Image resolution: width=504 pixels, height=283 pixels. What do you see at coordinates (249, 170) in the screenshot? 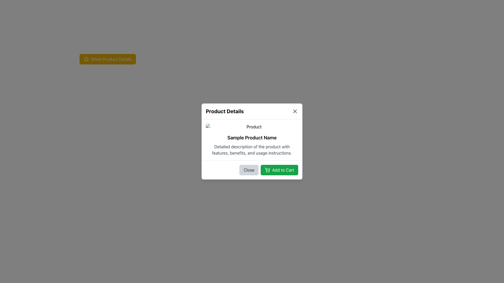
I see `the 'Close' button with rounded corners and a gray background` at bounding box center [249, 170].